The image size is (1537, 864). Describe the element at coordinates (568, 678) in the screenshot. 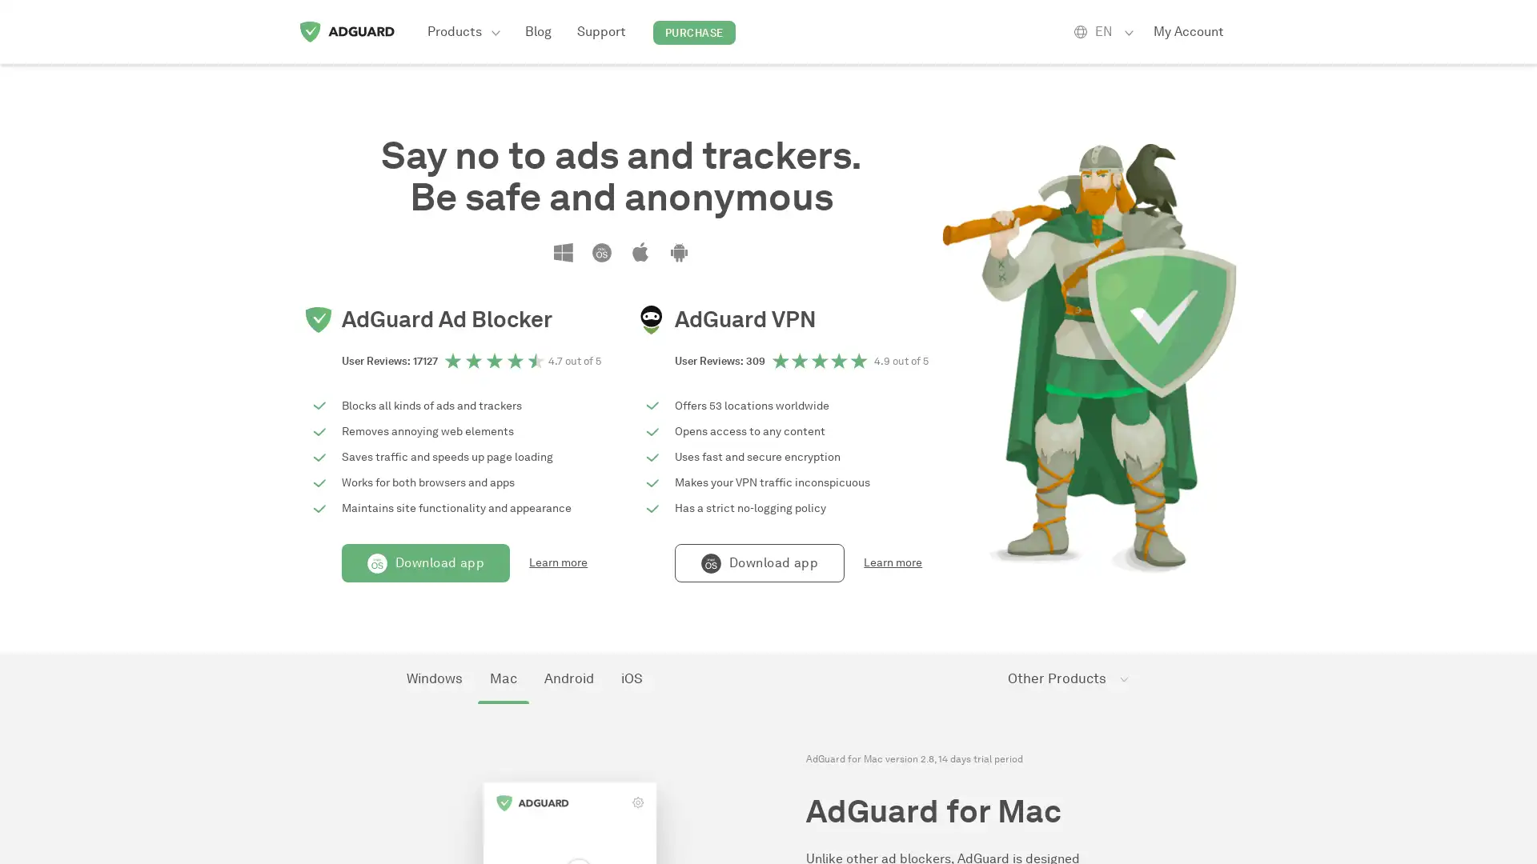

I see `Android` at that location.